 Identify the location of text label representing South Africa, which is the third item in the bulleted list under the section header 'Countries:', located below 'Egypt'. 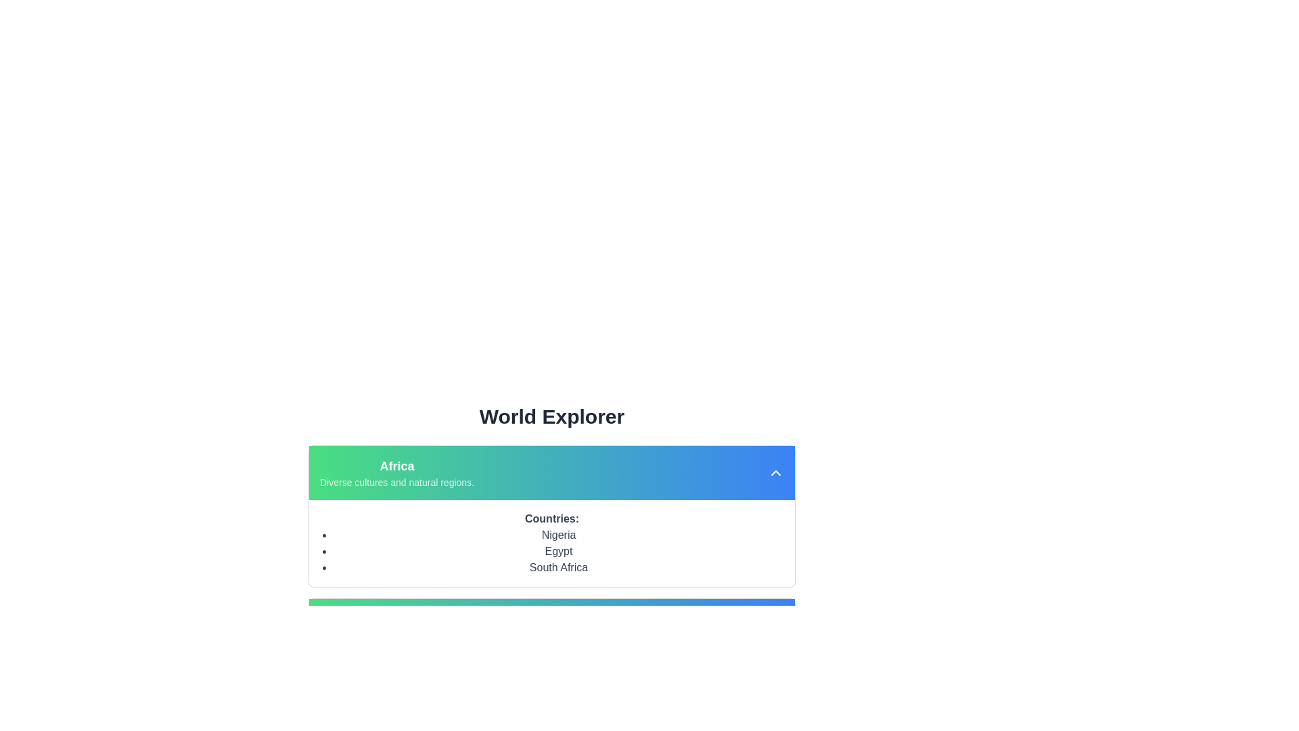
(558, 568).